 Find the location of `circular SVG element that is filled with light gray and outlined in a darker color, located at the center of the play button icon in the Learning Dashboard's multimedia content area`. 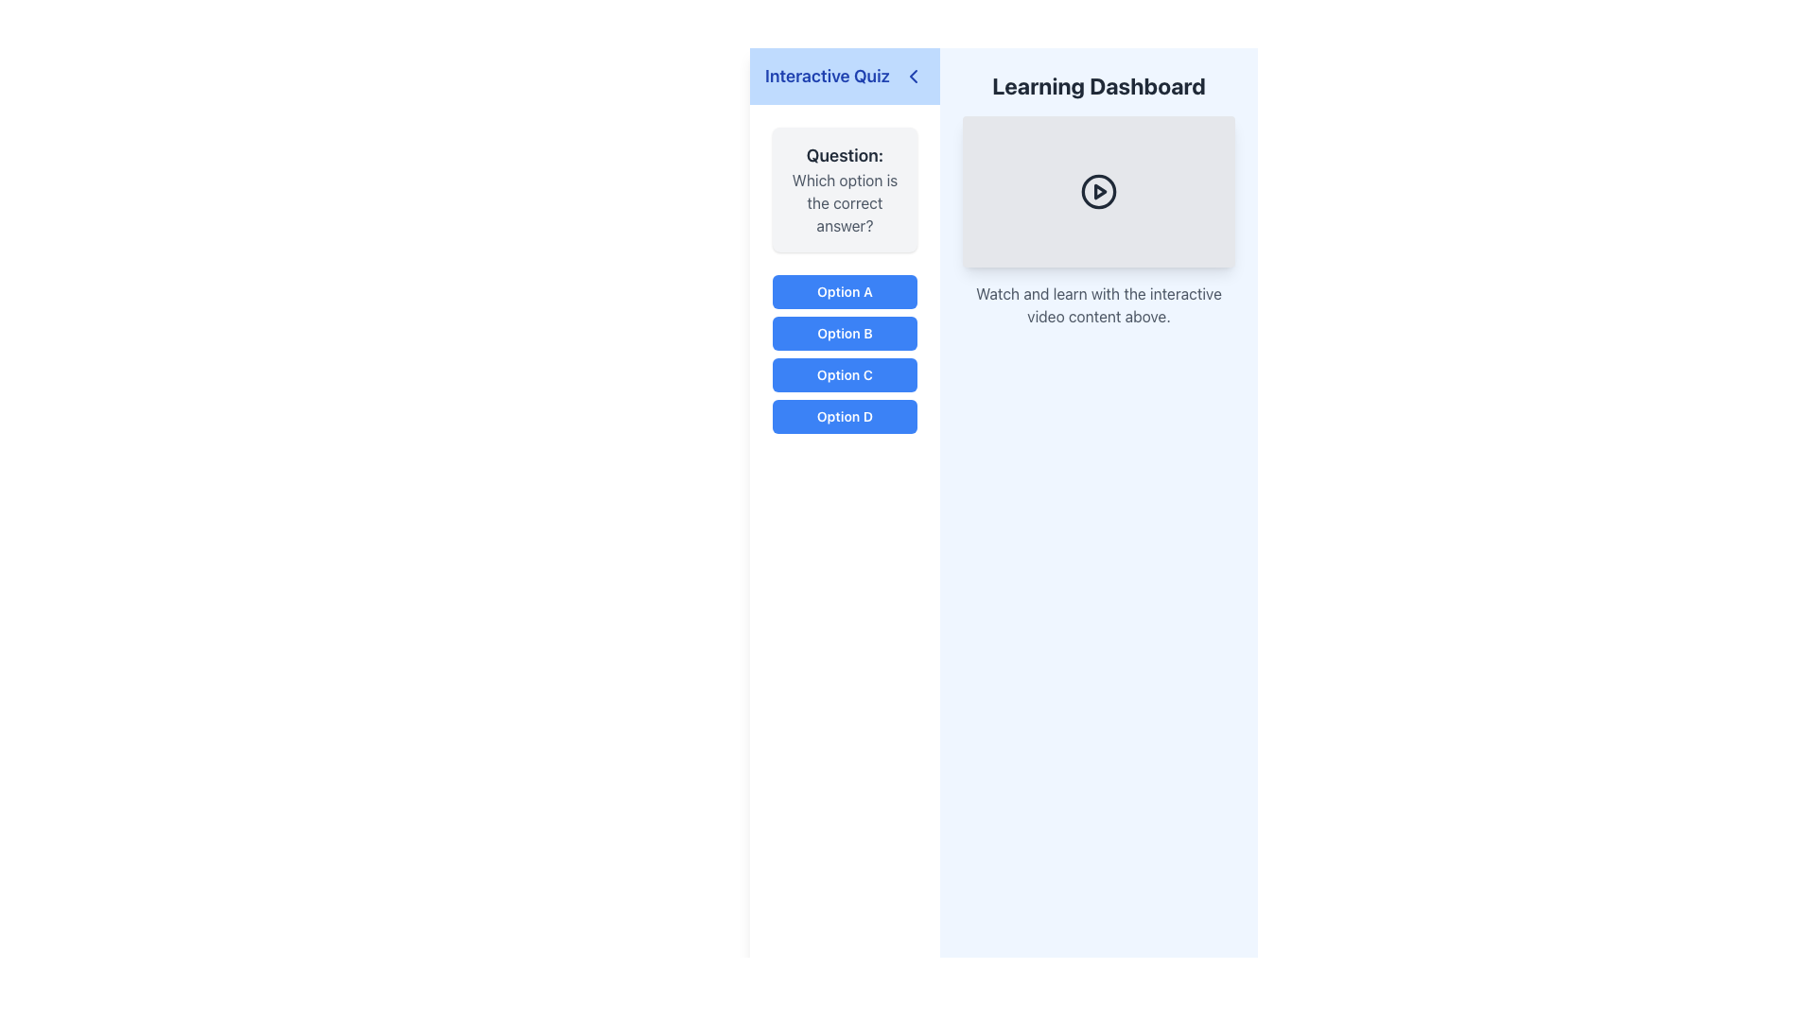

circular SVG element that is filled with light gray and outlined in a darker color, located at the center of the play button icon in the Learning Dashboard's multimedia content area is located at coordinates (1098, 192).